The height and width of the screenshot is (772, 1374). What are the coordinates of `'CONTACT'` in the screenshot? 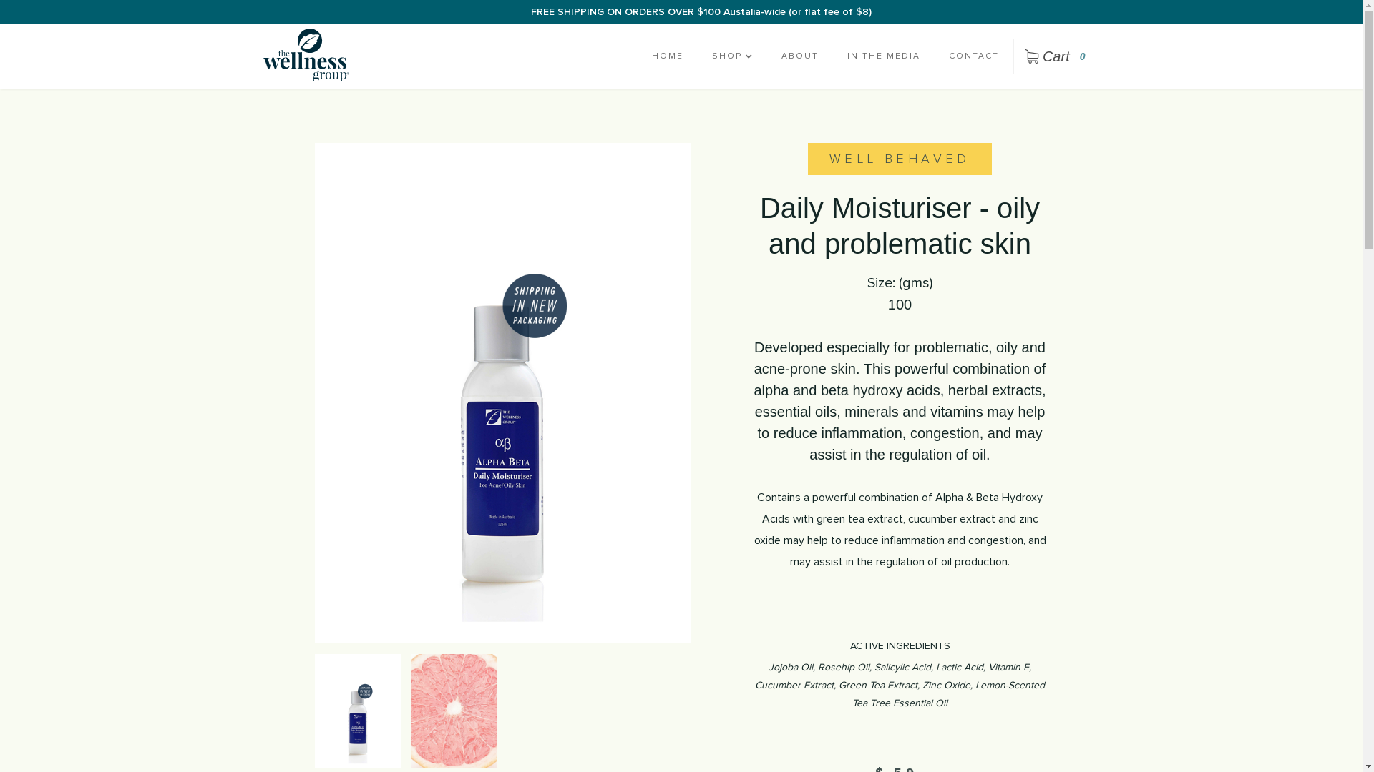 It's located at (973, 55).